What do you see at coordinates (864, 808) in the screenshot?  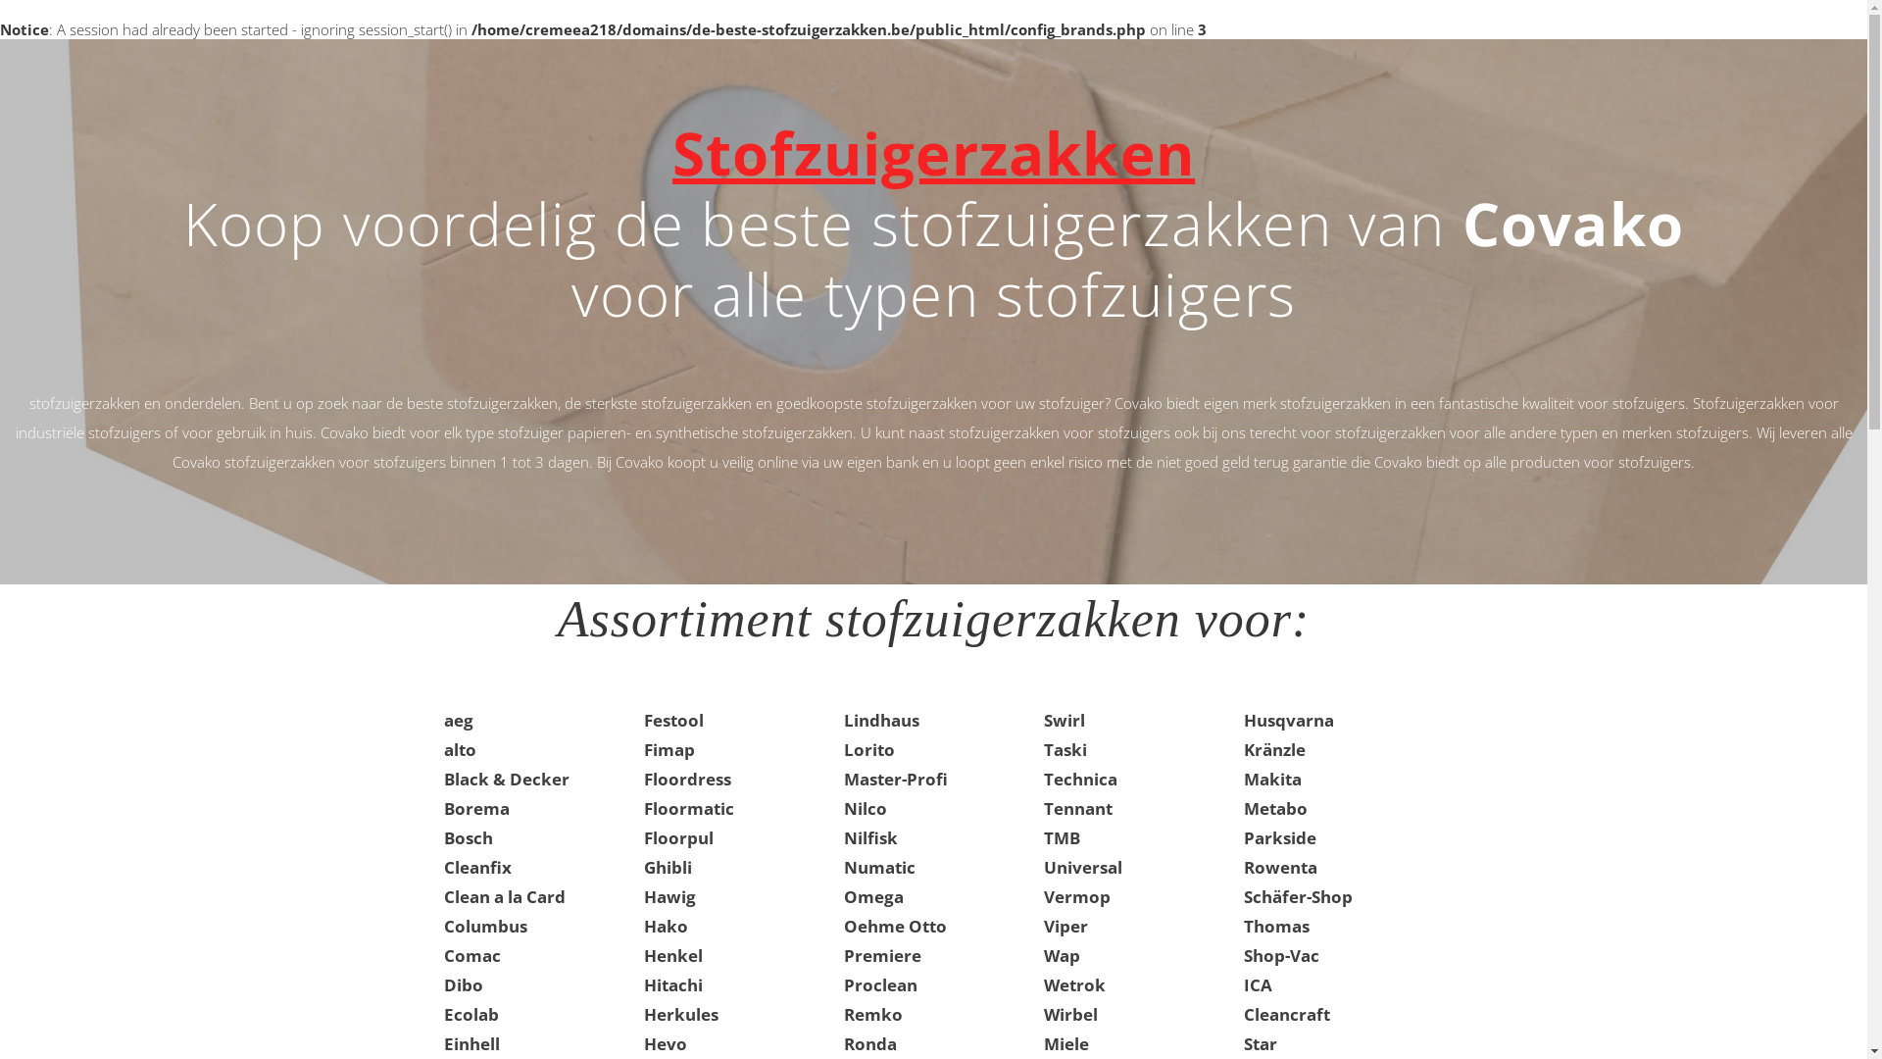 I see `'Nilco'` at bounding box center [864, 808].